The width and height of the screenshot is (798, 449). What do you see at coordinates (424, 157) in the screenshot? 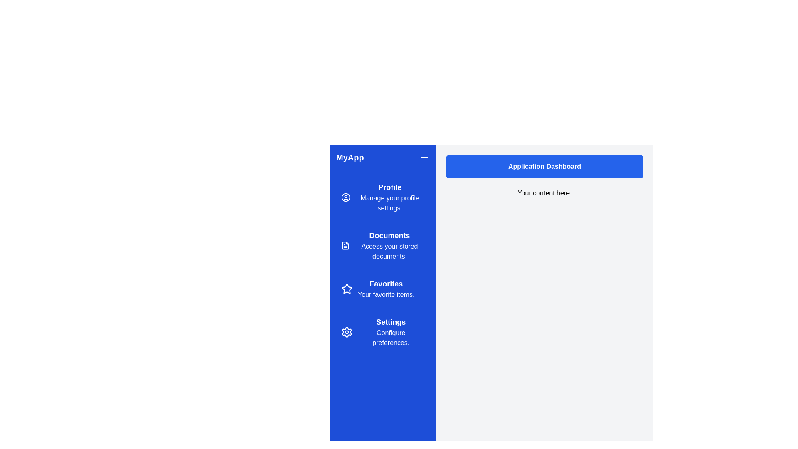
I see `the menu button to toggle the drawer` at bounding box center [424, 157].